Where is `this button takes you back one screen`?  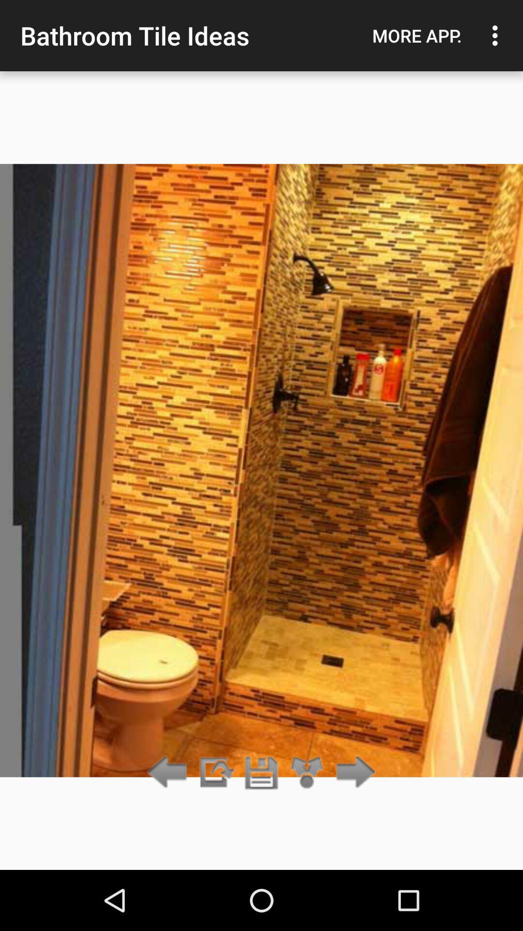
this button takes you back one screen is located at coordinates (169, 772).